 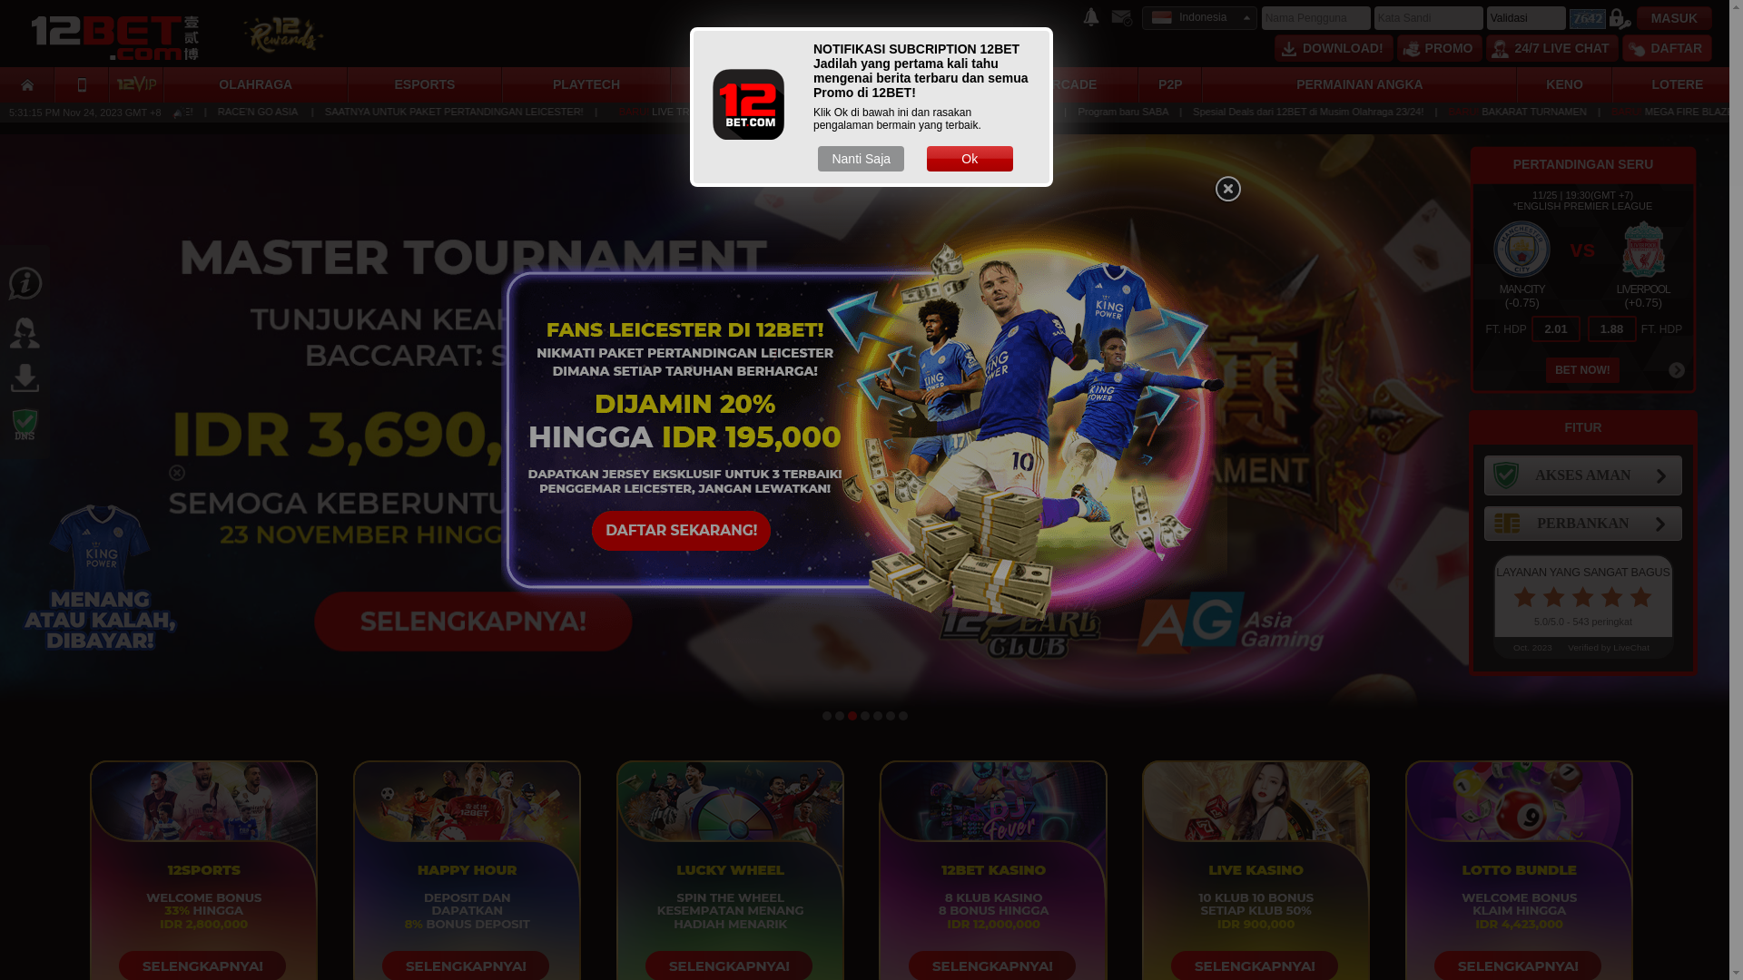 I want to click on 'MASUK', so click(x=1673, y=17).